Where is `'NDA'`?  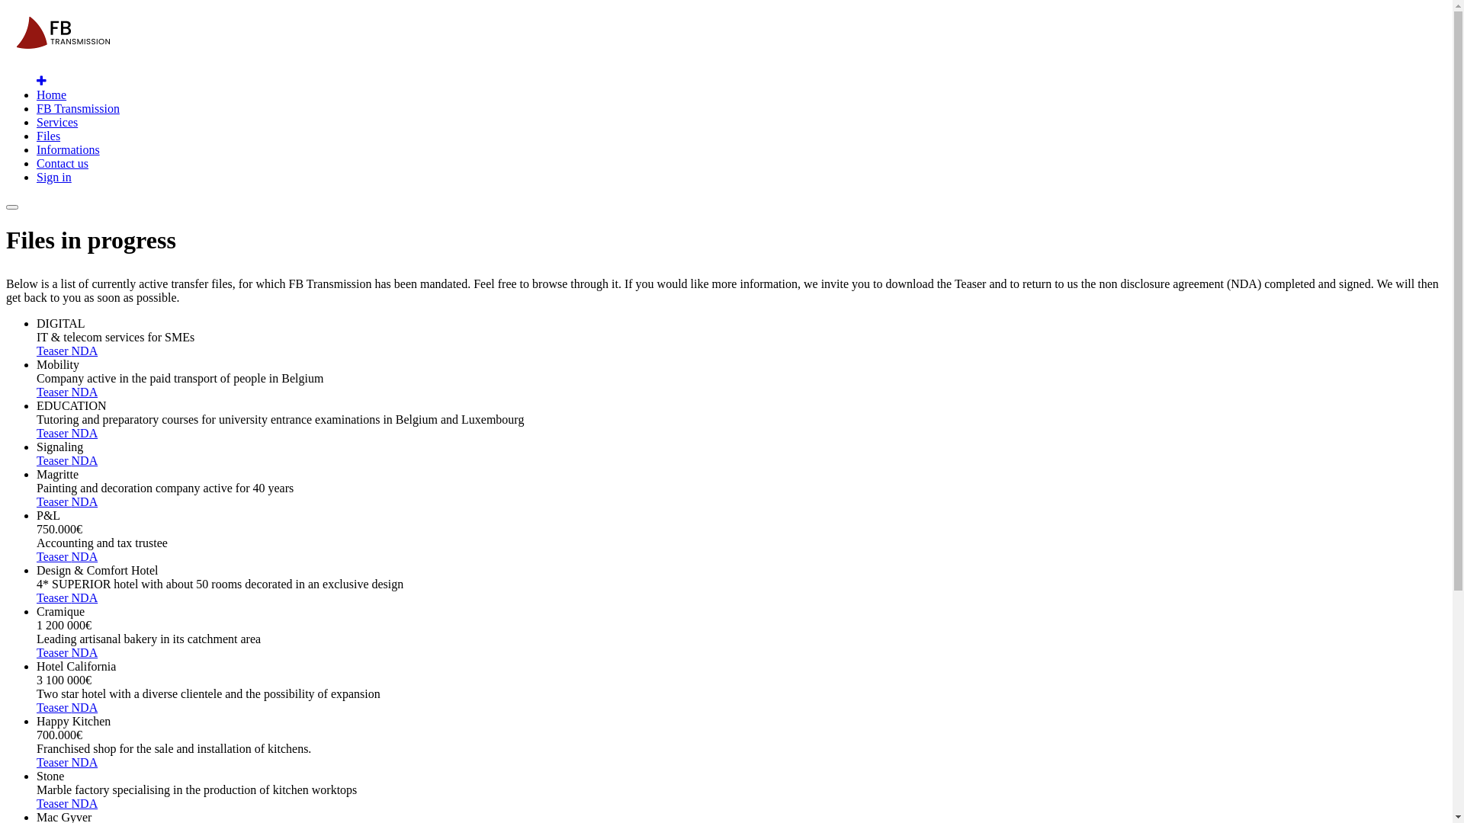
'NDA' is located at coordinates (84, 652).